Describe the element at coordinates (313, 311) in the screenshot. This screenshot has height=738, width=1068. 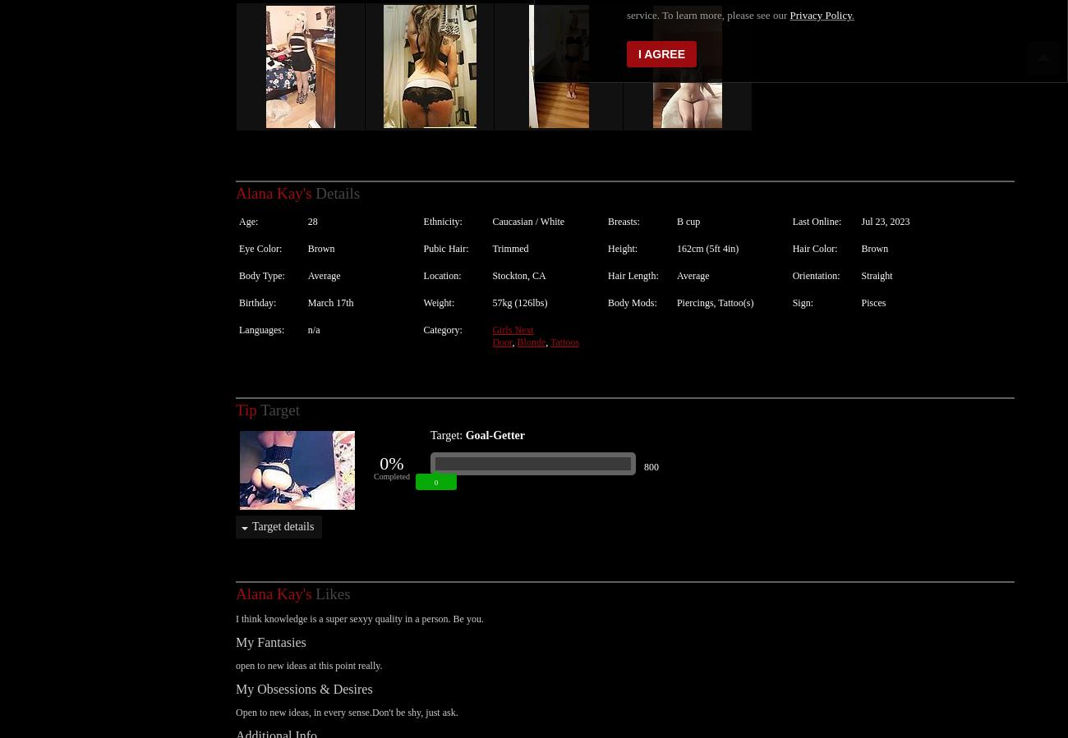
I see `'n/a'` at that location.